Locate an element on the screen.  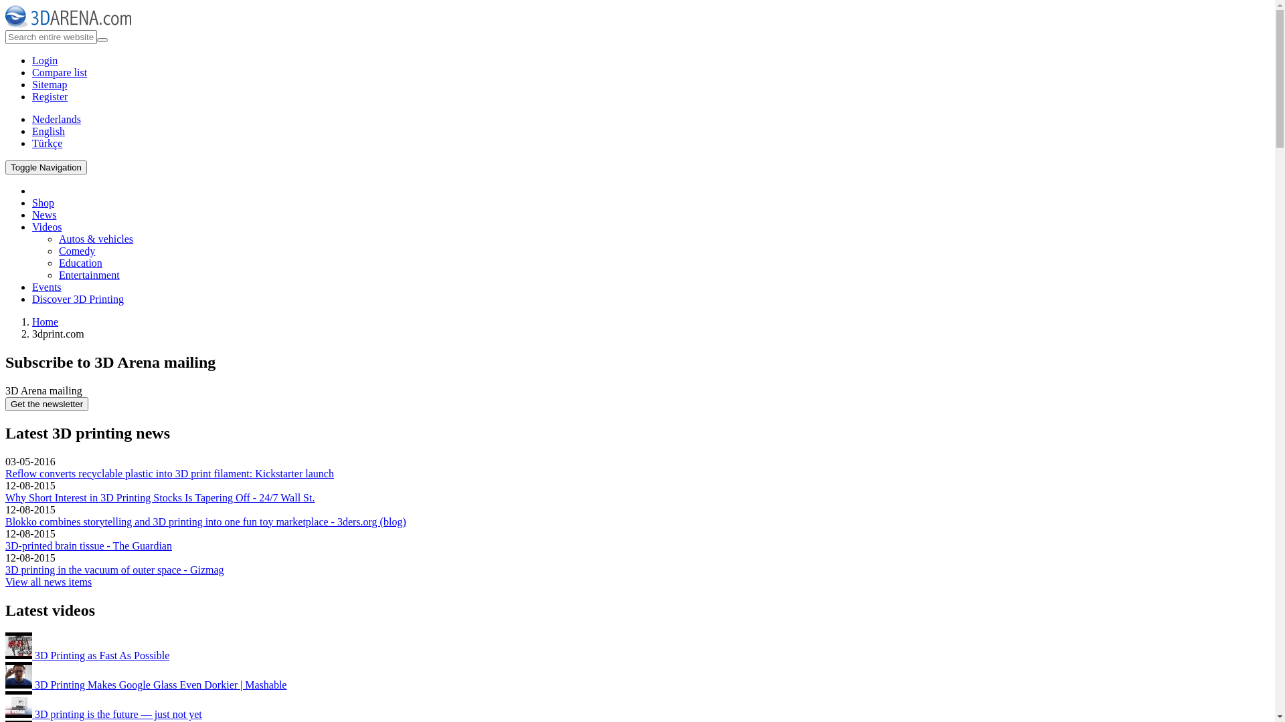
'Toggle Navigation' is located at coordinates (46, 166).